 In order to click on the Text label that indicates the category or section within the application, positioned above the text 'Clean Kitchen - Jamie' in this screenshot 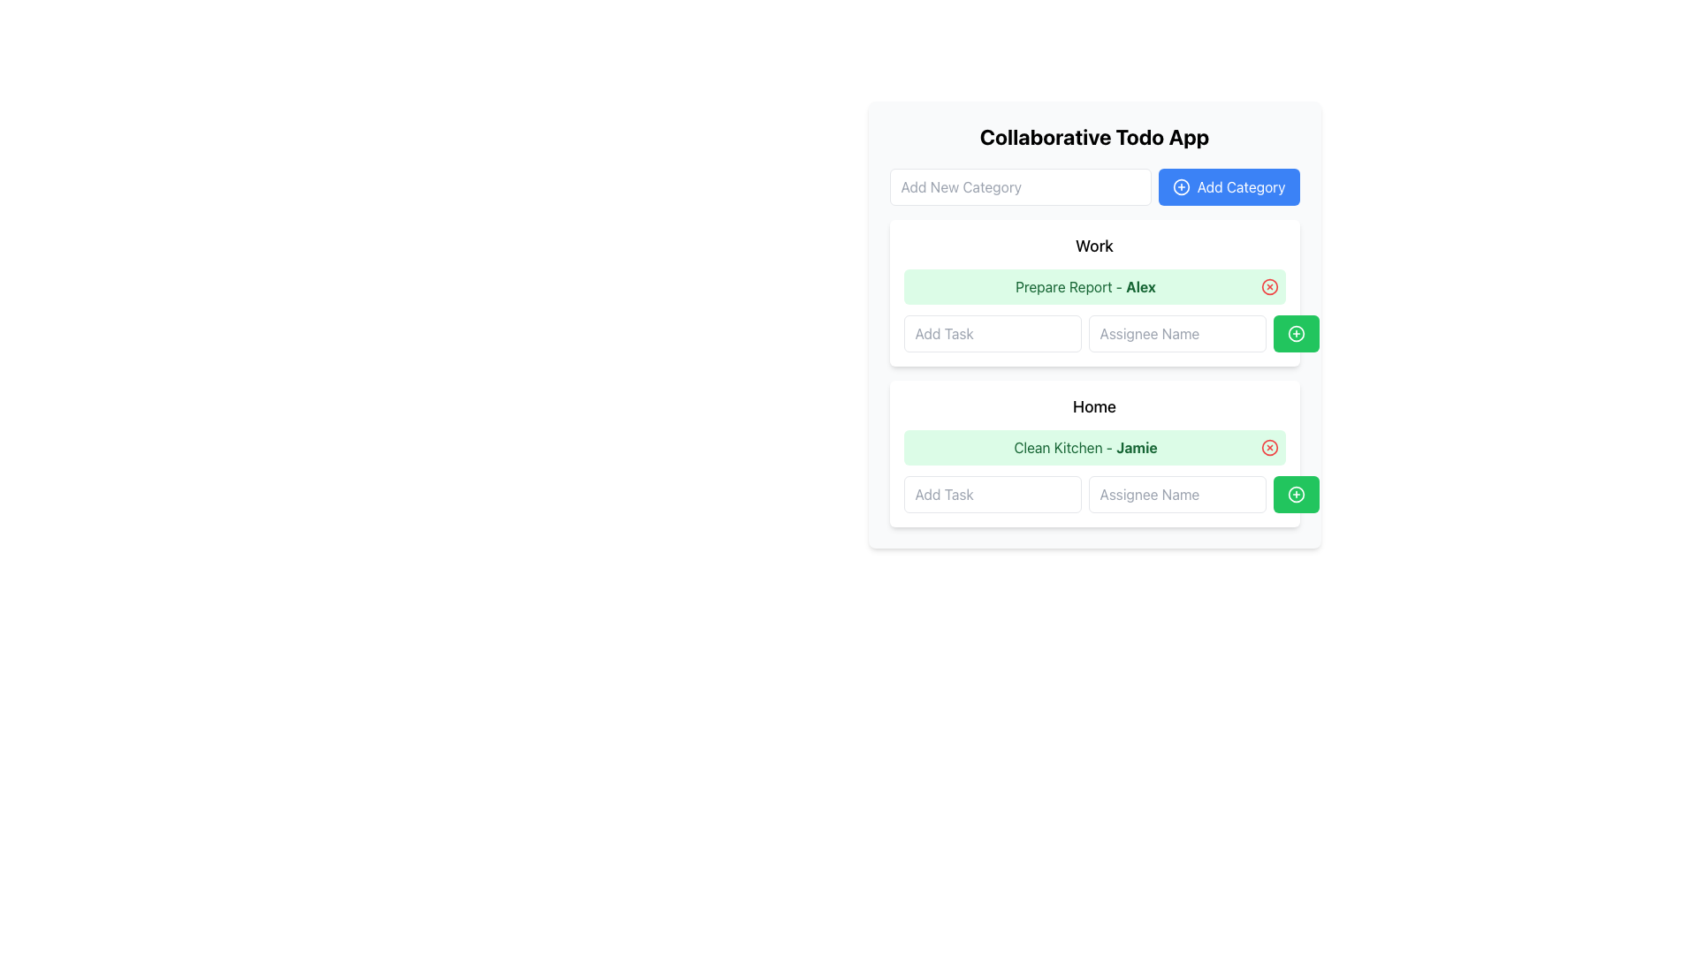, I will do `click(1093, 407)`.